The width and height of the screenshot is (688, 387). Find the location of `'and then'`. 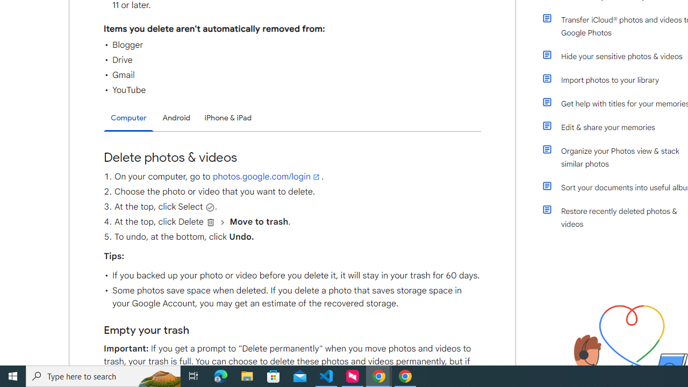

'and then' is located at coordinates (222, 221).